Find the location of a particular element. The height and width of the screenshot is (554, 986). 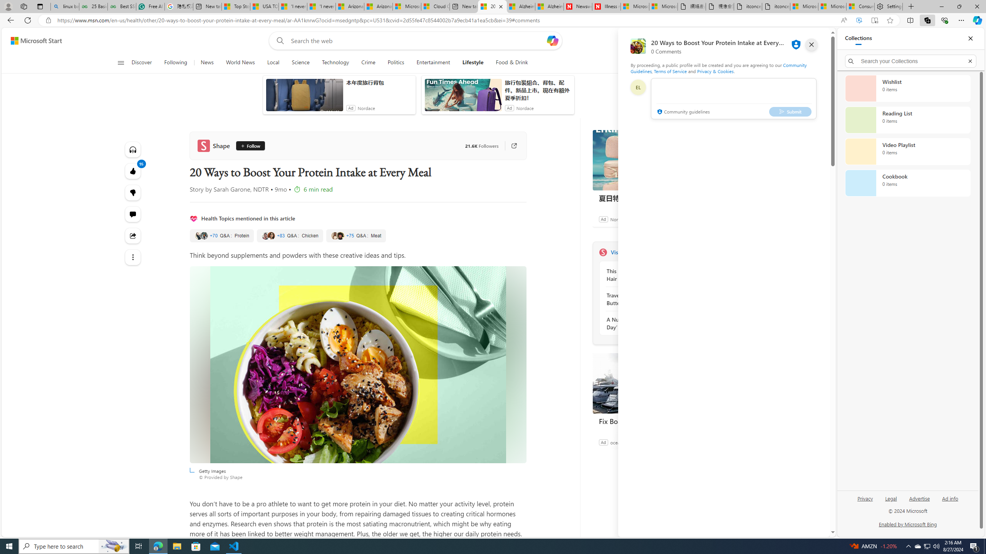

'Chicken' is located at coordinates (289, 235).